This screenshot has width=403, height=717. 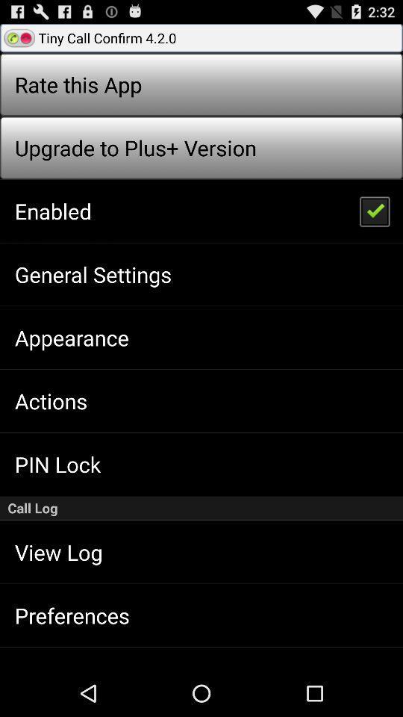 I want to click on icon to the right of the enabled app, so click(x=373, y=210).